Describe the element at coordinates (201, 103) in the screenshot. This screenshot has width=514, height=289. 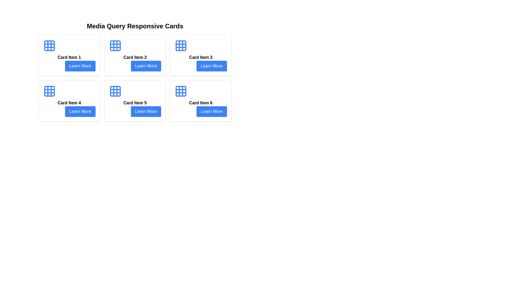
I see `the text label that serves as the title or header of the card, located in the bottom row, last column of a 2x3 grid layout, positioned below the grid icon and above the 'Learn More' button` at that location.